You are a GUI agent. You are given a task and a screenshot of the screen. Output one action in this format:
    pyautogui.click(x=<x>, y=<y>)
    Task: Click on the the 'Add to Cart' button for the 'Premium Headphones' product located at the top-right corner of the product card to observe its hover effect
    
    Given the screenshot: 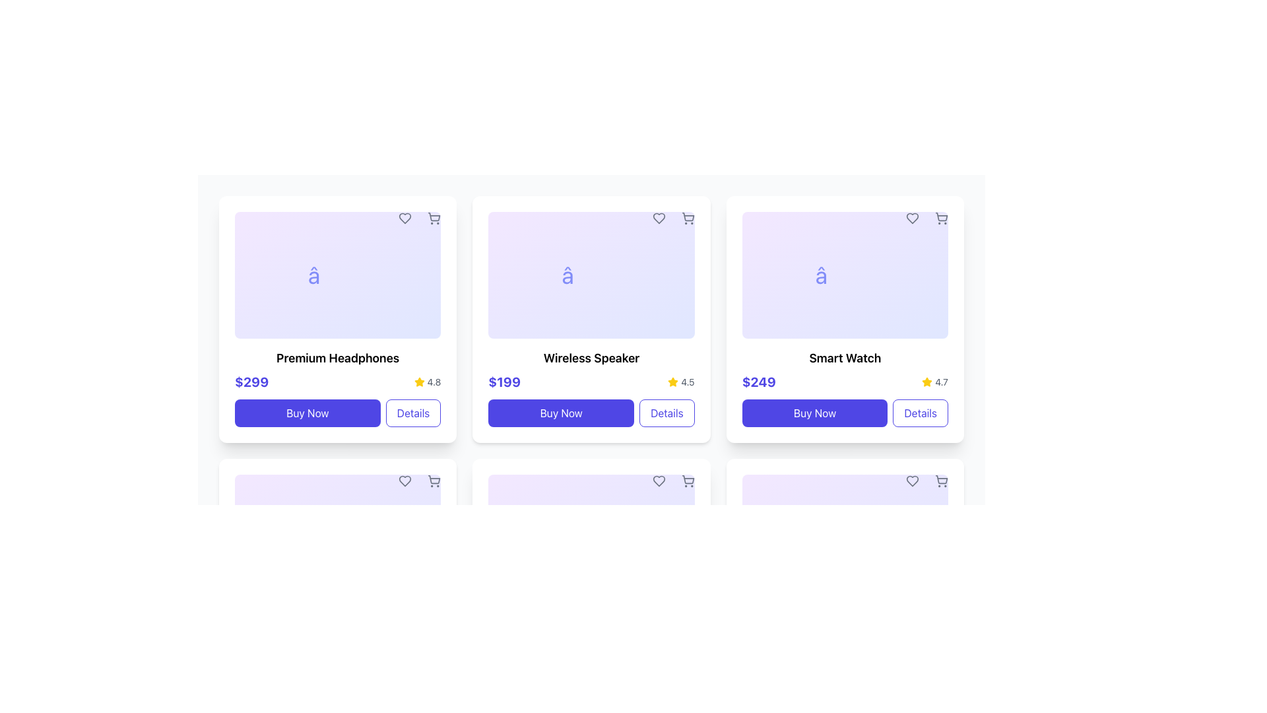 What is the action you would take?
    pyautogui.click(x=434, y=218)
    